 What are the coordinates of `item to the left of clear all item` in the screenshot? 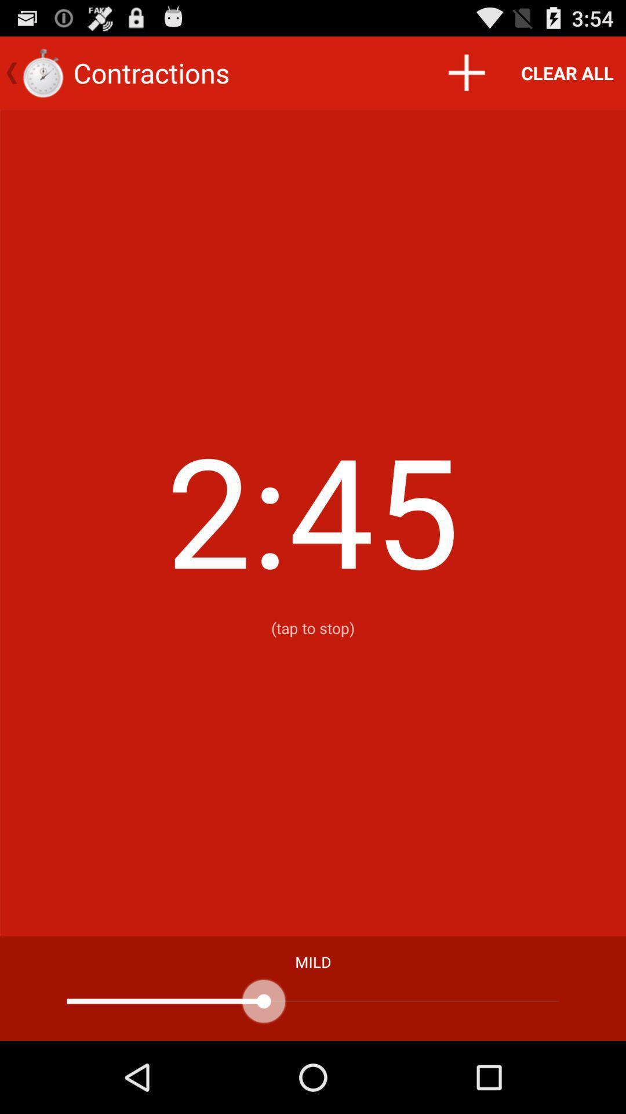 It's located at (465, 72).